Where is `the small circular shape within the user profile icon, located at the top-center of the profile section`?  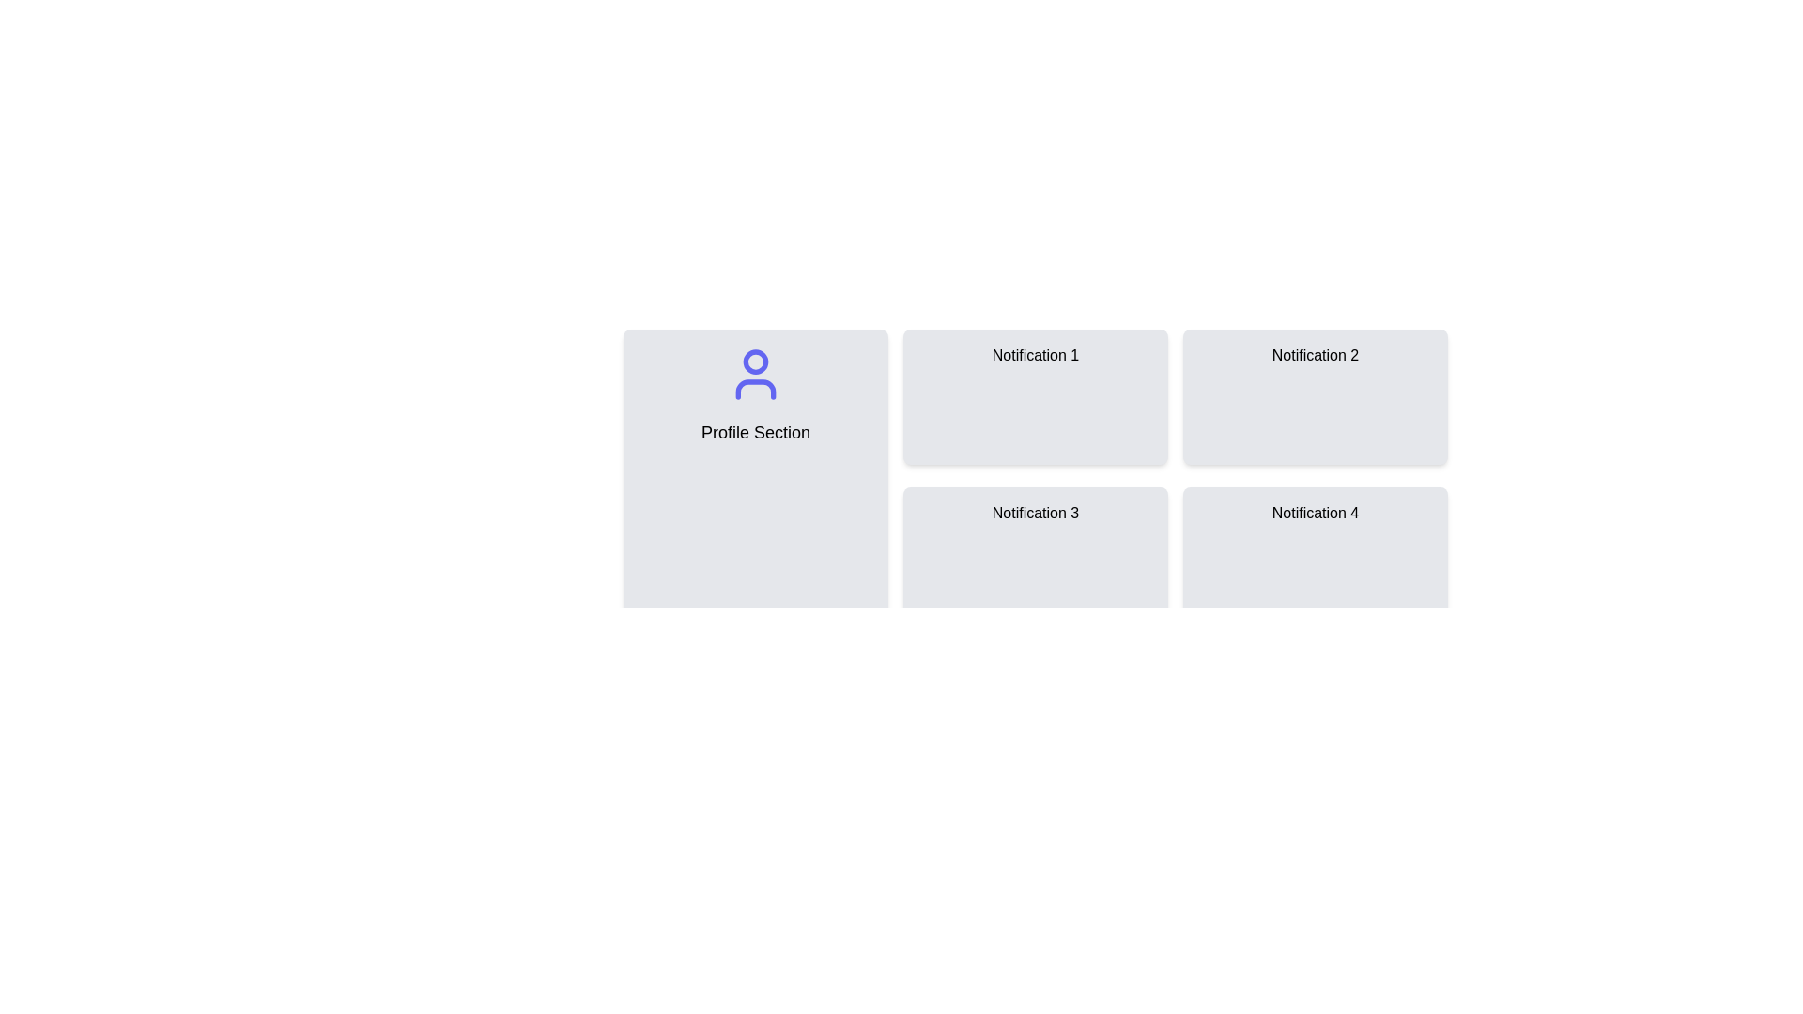 the small circular shape within the user profile icon, located at the top-center of the profile section is located at coordinates (756, 361).